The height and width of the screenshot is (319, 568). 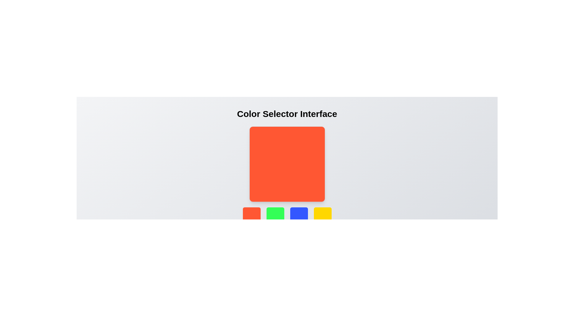 I want to click on the yellow color option button in the color picker interface, so click(x=322, y=216).